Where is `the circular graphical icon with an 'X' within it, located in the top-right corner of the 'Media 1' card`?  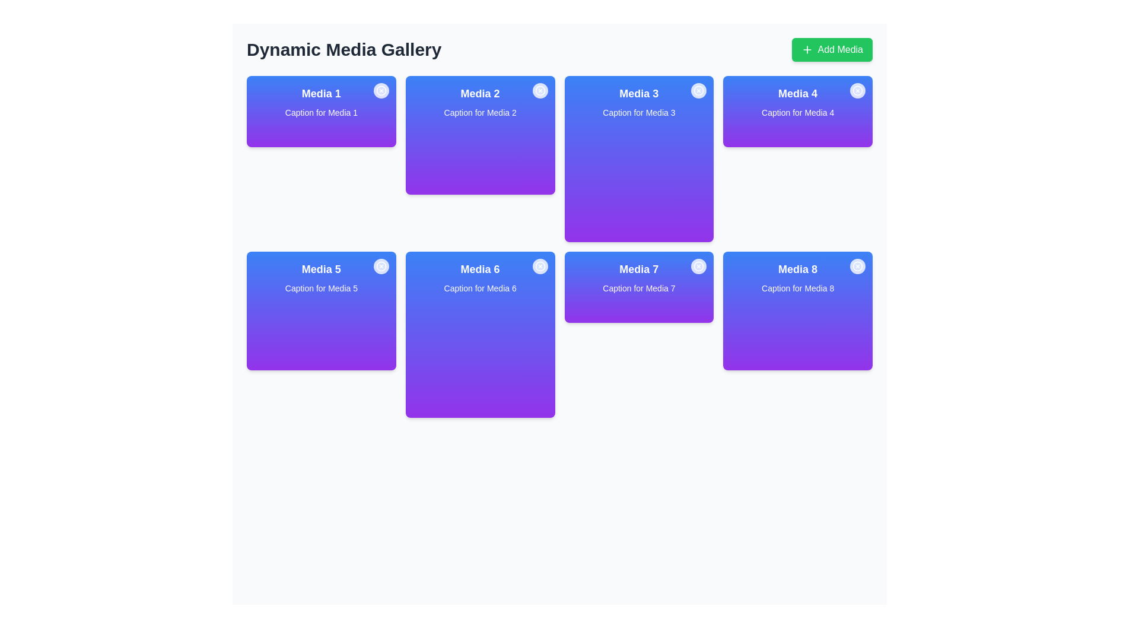
the circular graphical icon with an 'X' within it, located in the top-right corner of the 'Media 1' card is located at coordinates (381, 90).